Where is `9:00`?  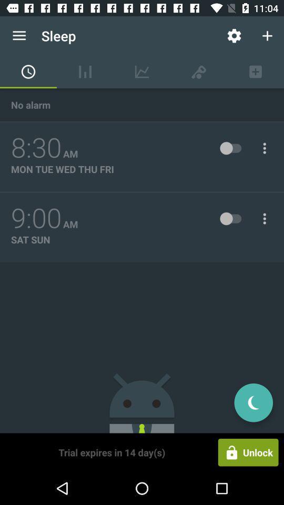
9:00 is located at coordinates (36, 218).